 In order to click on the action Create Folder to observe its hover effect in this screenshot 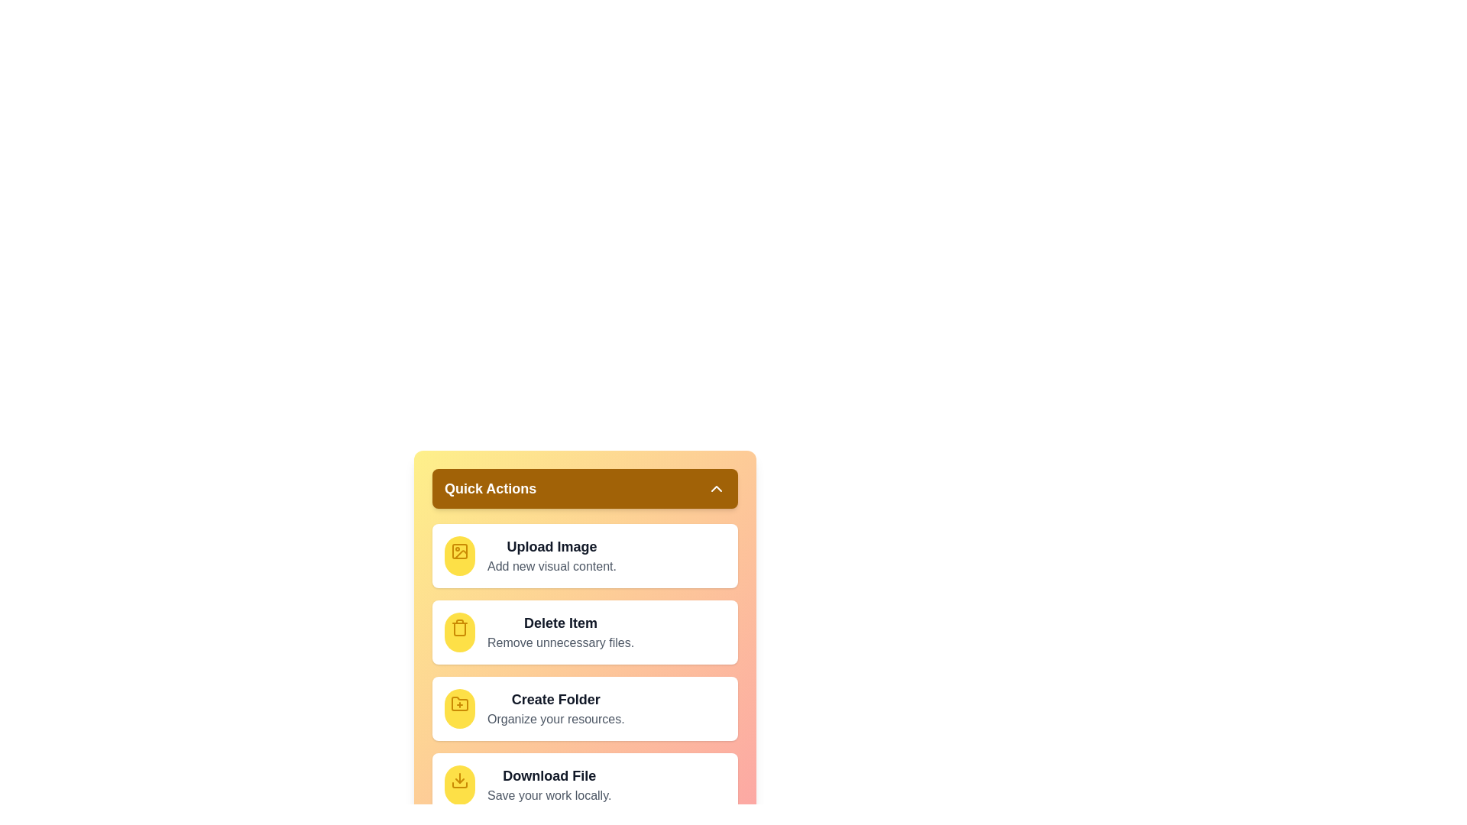, I will do `click(458, 709)`.